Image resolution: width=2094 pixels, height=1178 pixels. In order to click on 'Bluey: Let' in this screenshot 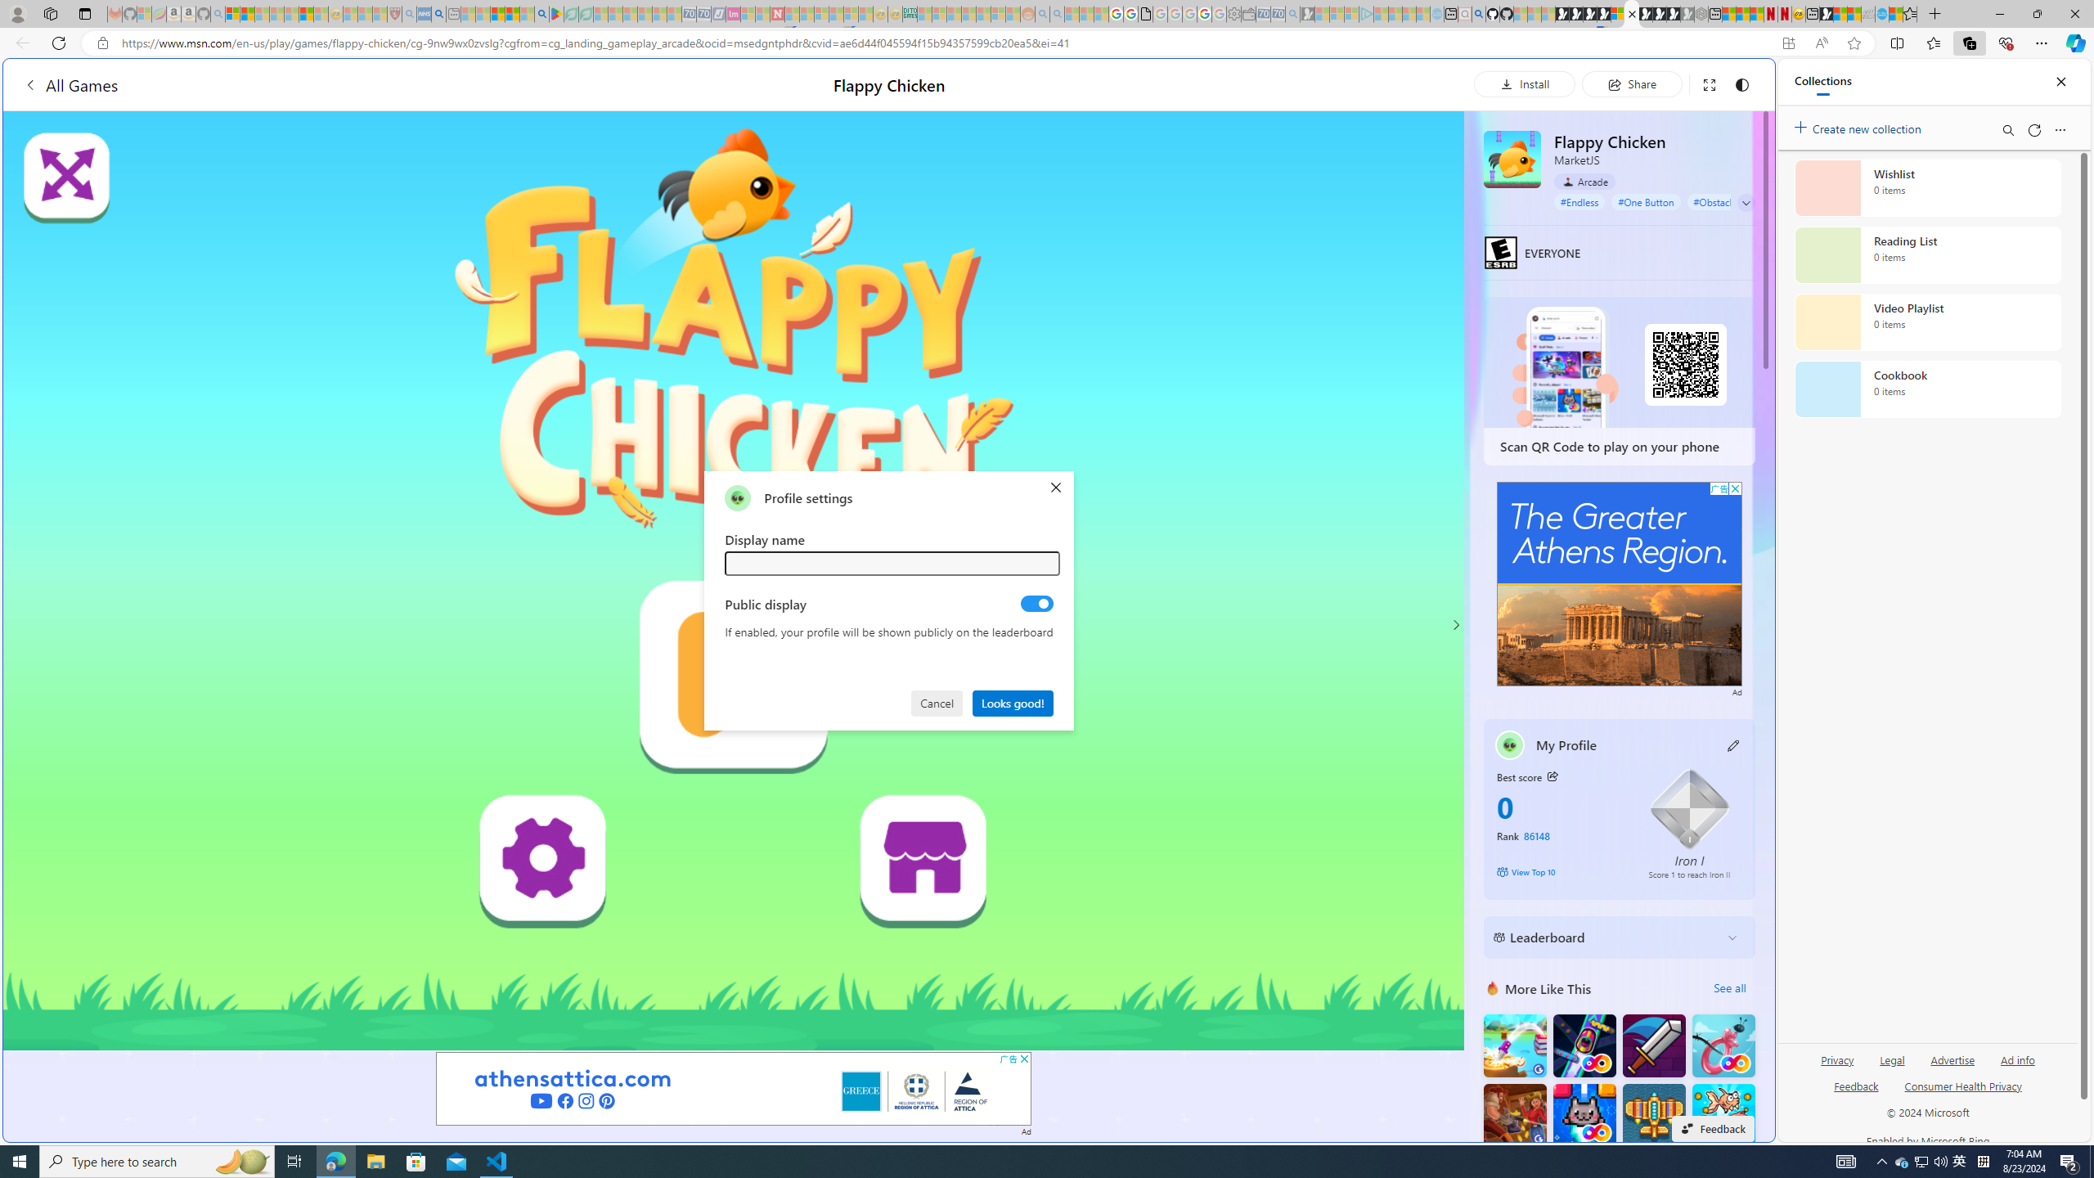, I will do `click(556, 13)`.